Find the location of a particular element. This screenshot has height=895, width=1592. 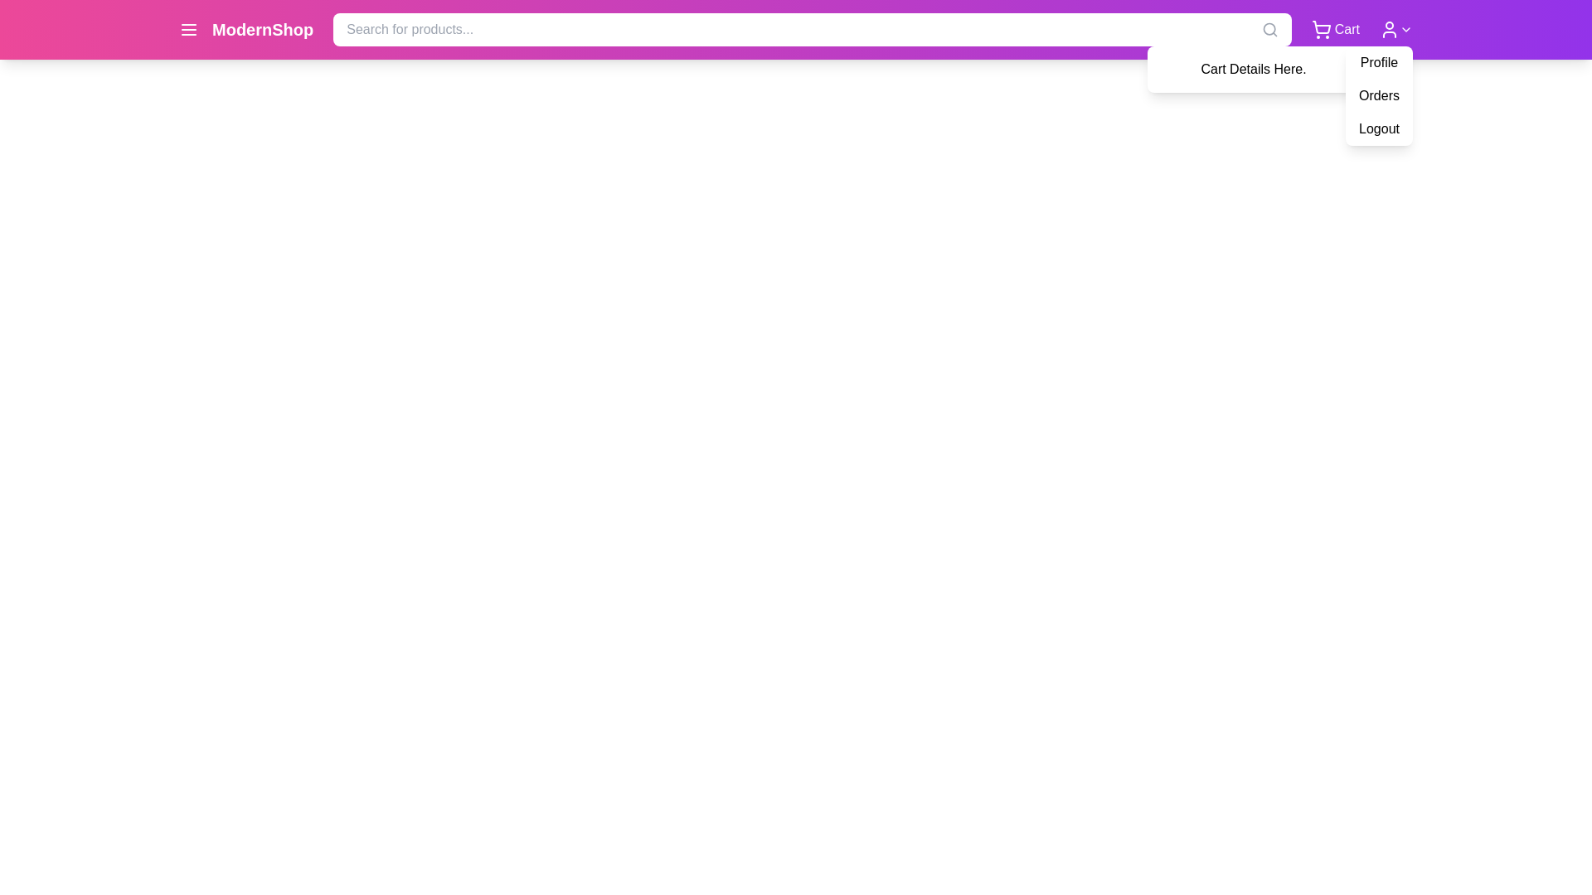

the vector graphic circle representing the lens of the search icon located in the top-right corner of the interface is located at coordinates (1269, 29).